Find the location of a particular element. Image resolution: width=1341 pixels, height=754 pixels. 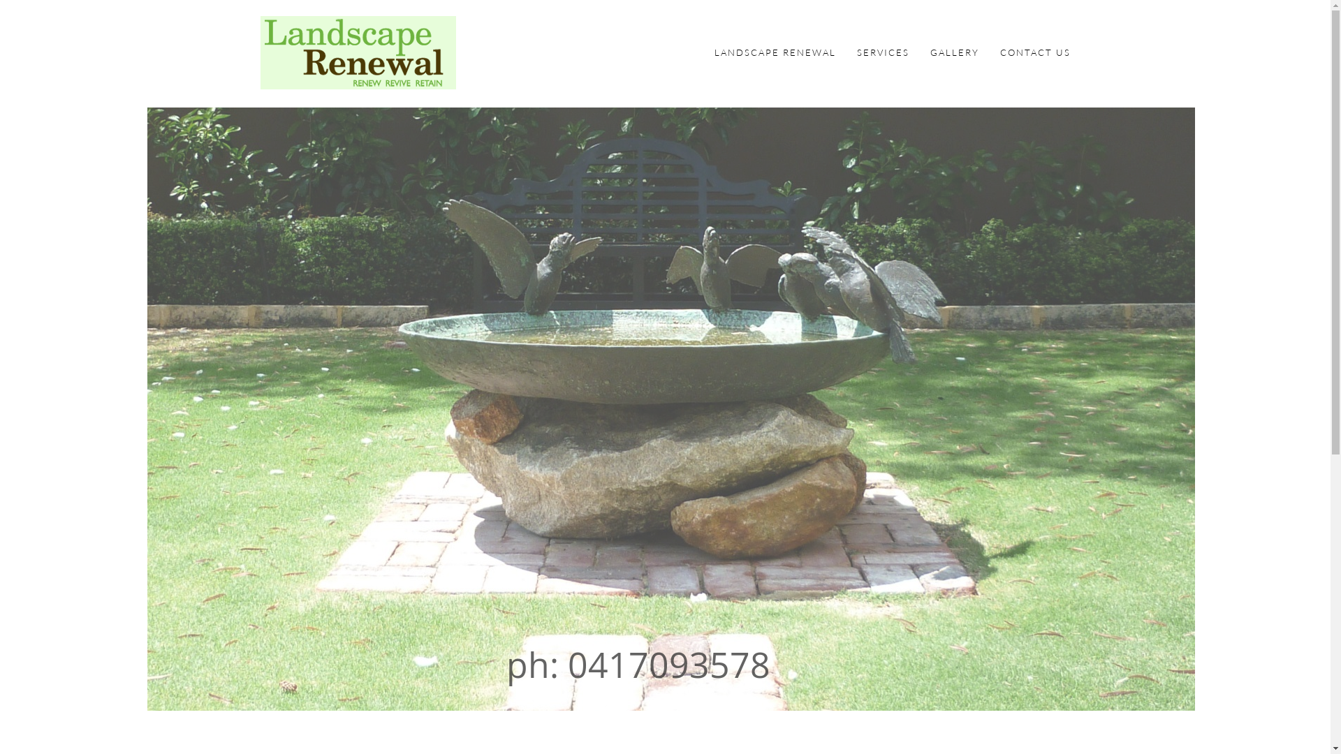

'SERVICES' is located at coordinates (855, 52).